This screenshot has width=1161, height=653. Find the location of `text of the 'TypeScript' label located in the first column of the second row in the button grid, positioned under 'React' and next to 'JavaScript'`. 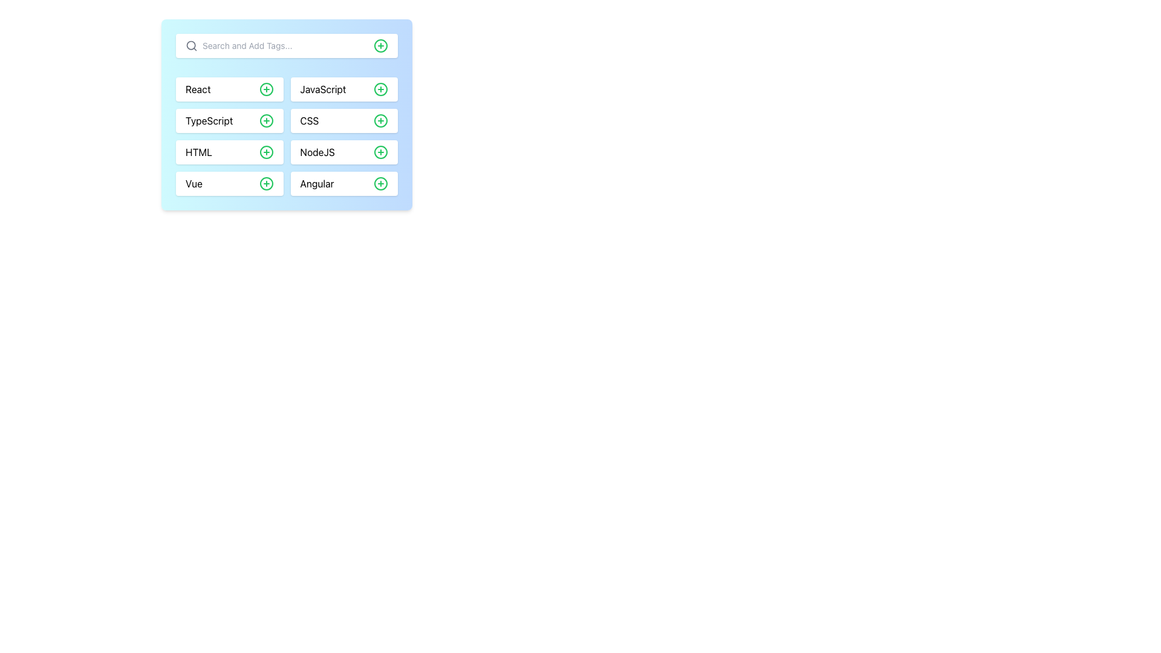

text of the 'TypeScript' label located in the first column of the second row in the button grid, positioned under 'React' and next to 'JavaScript' is located at coordinates (209, 121).